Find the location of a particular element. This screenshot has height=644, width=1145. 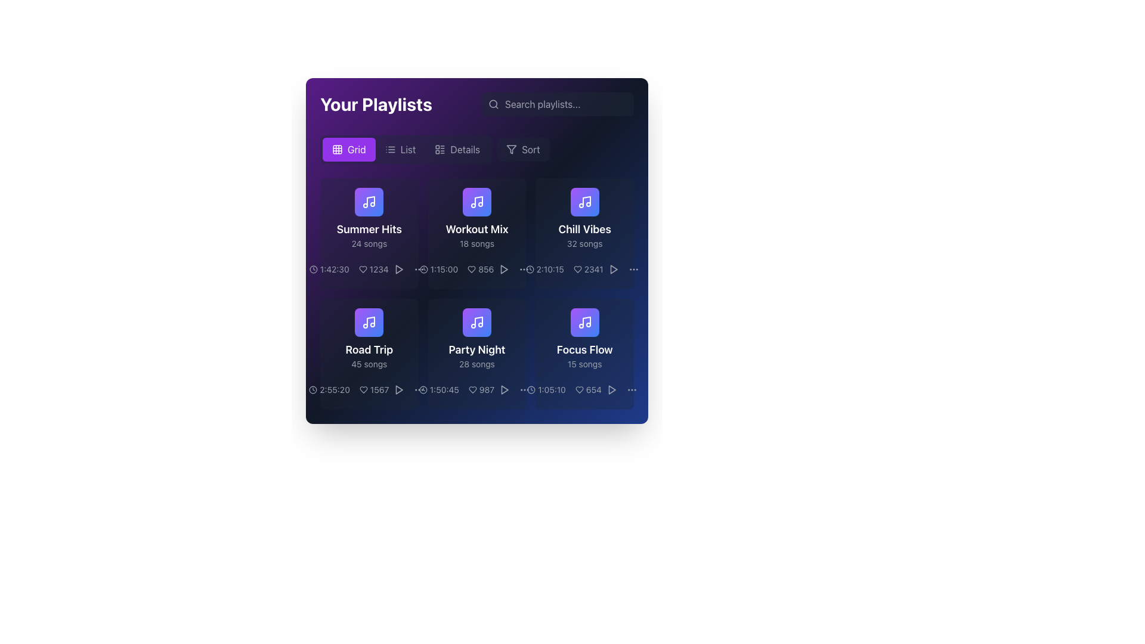

the time-related icon located as the leftmost icon under the title 'Summer Hits' in the main content area of the playlist cards is located at coordinates (313, 269).